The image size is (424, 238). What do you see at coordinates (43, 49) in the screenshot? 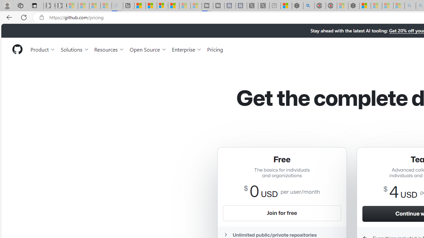
I see `'Product'` at bounding box center [43, 49].